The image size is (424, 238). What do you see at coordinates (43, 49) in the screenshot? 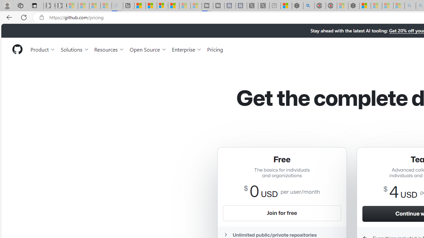
I see `'Product'` at bounding box center [43, 49].